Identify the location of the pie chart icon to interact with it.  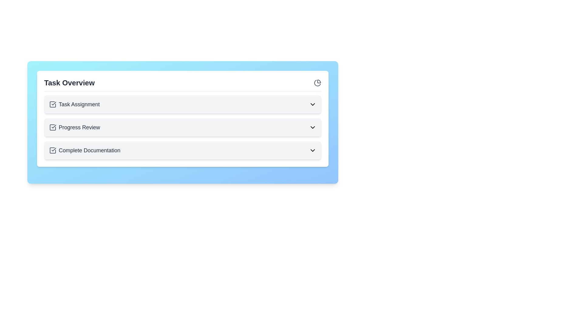
(317, 83).